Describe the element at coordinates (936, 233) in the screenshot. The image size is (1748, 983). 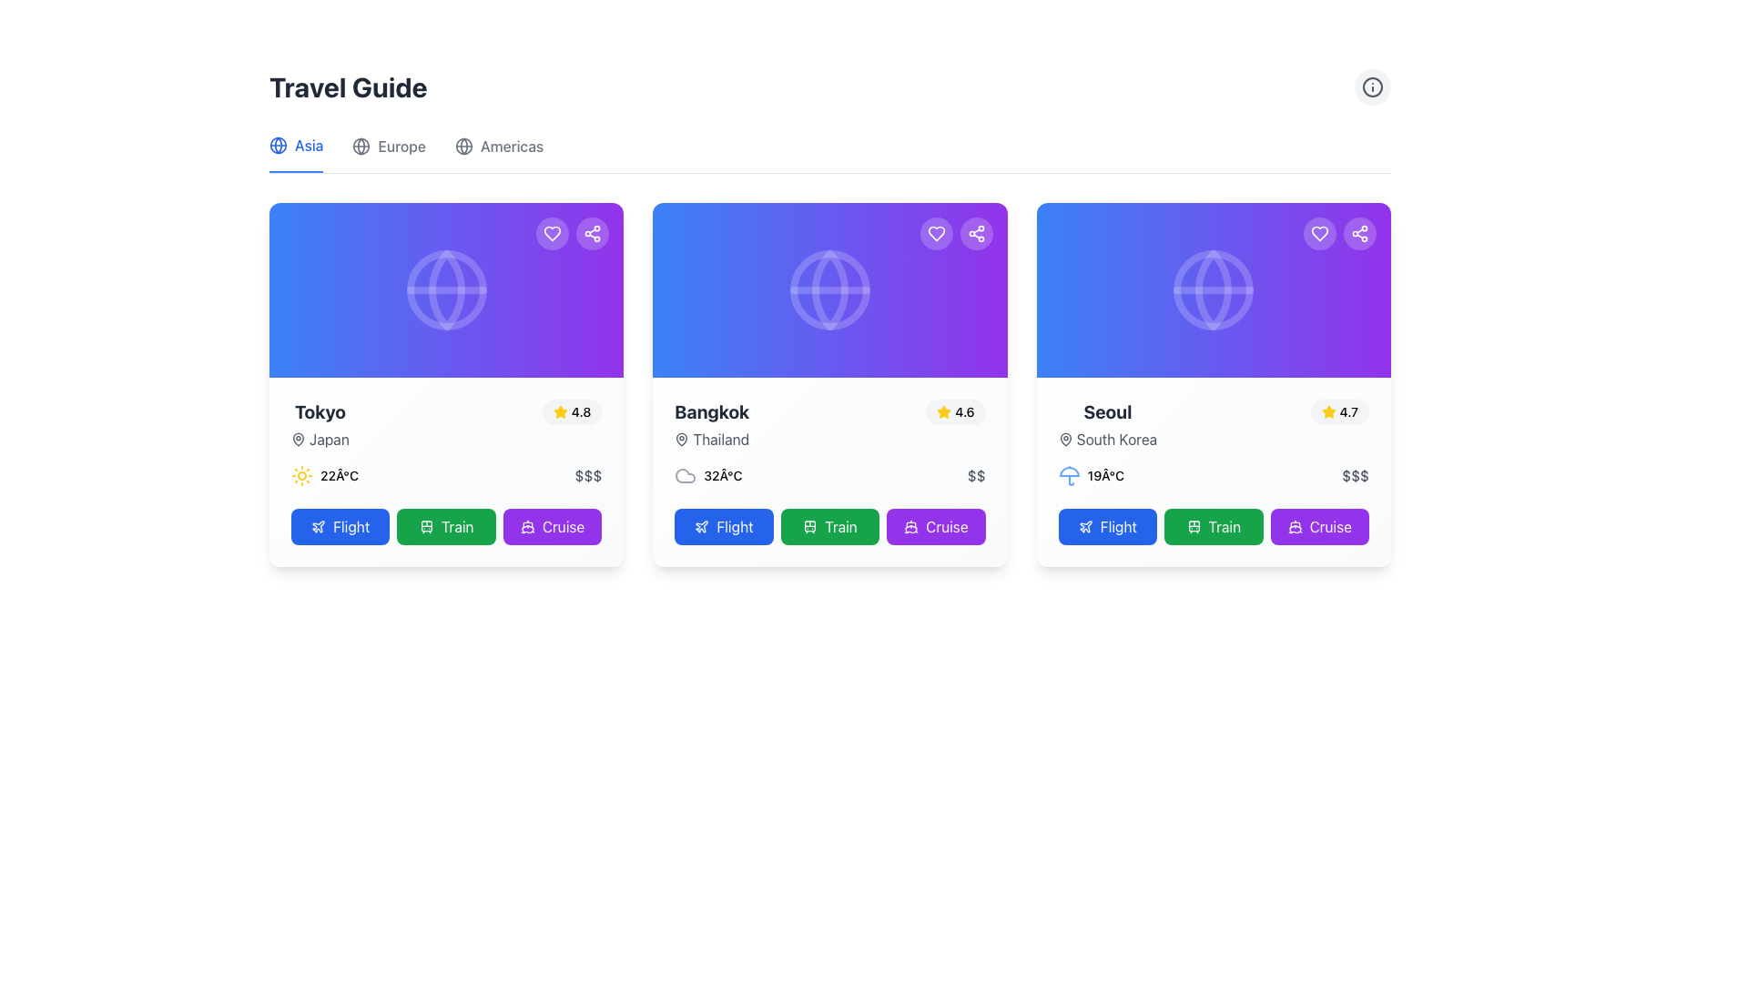
I see `the 'favorite' button located in the top-right section of the 'Bangkok' card` at that location.